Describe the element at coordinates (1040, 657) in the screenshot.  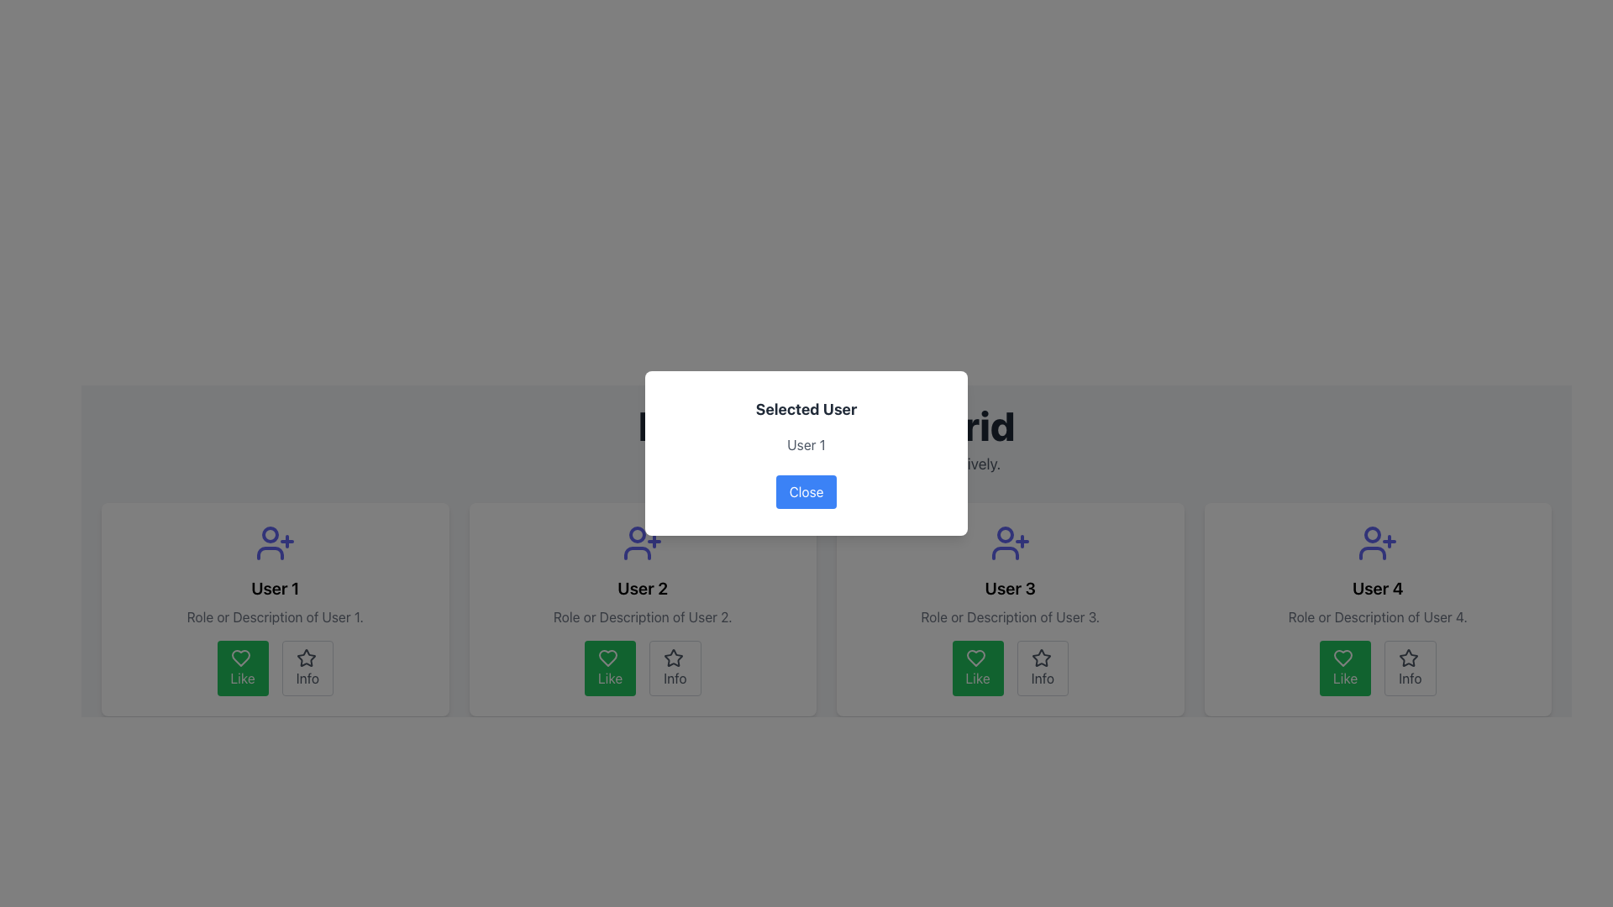
I see `the star icon 'Info' button located in the card for 'User 3', positioned to the right of the green 'Like' button` at that location.